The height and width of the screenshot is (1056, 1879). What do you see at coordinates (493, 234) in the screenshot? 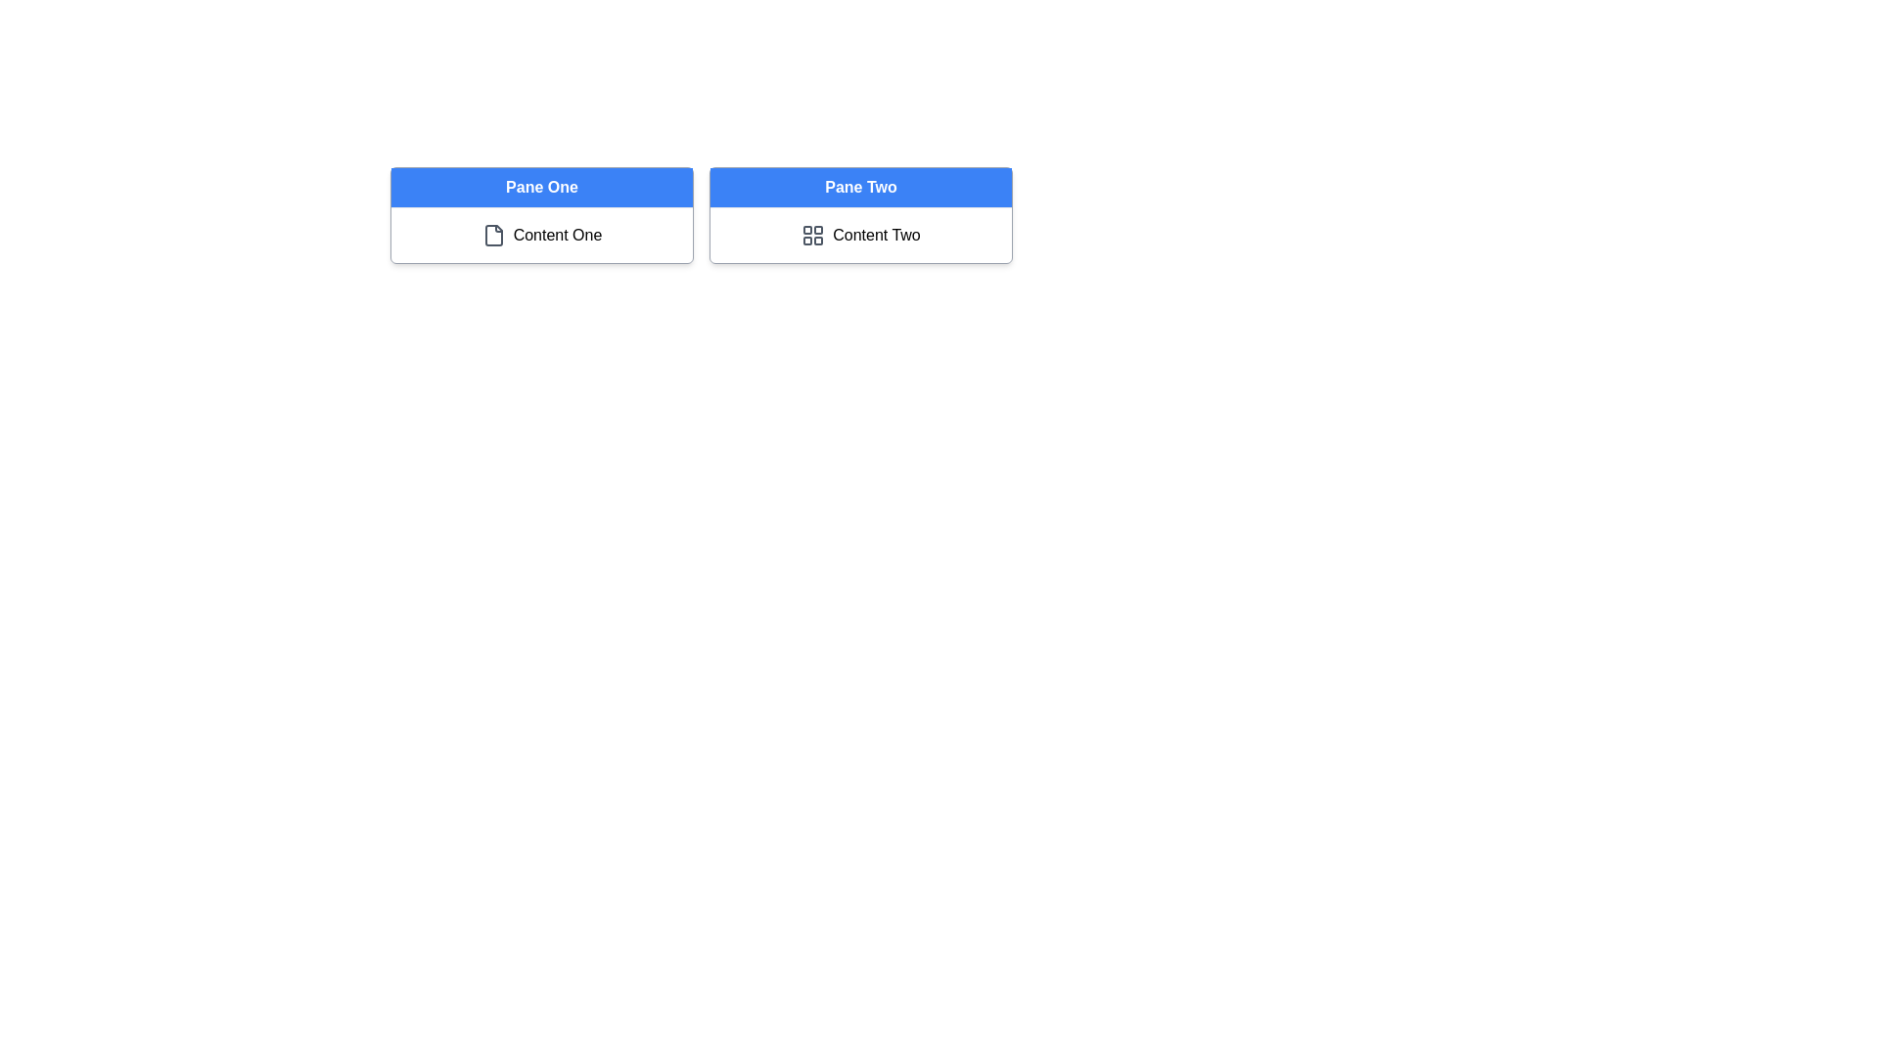
I see `the file icon located in the top-left corner of 'Pane One,' which is visually represented by a gray outlined file icon next to the text label 'Content One.'` at bounding box center [493, 234].